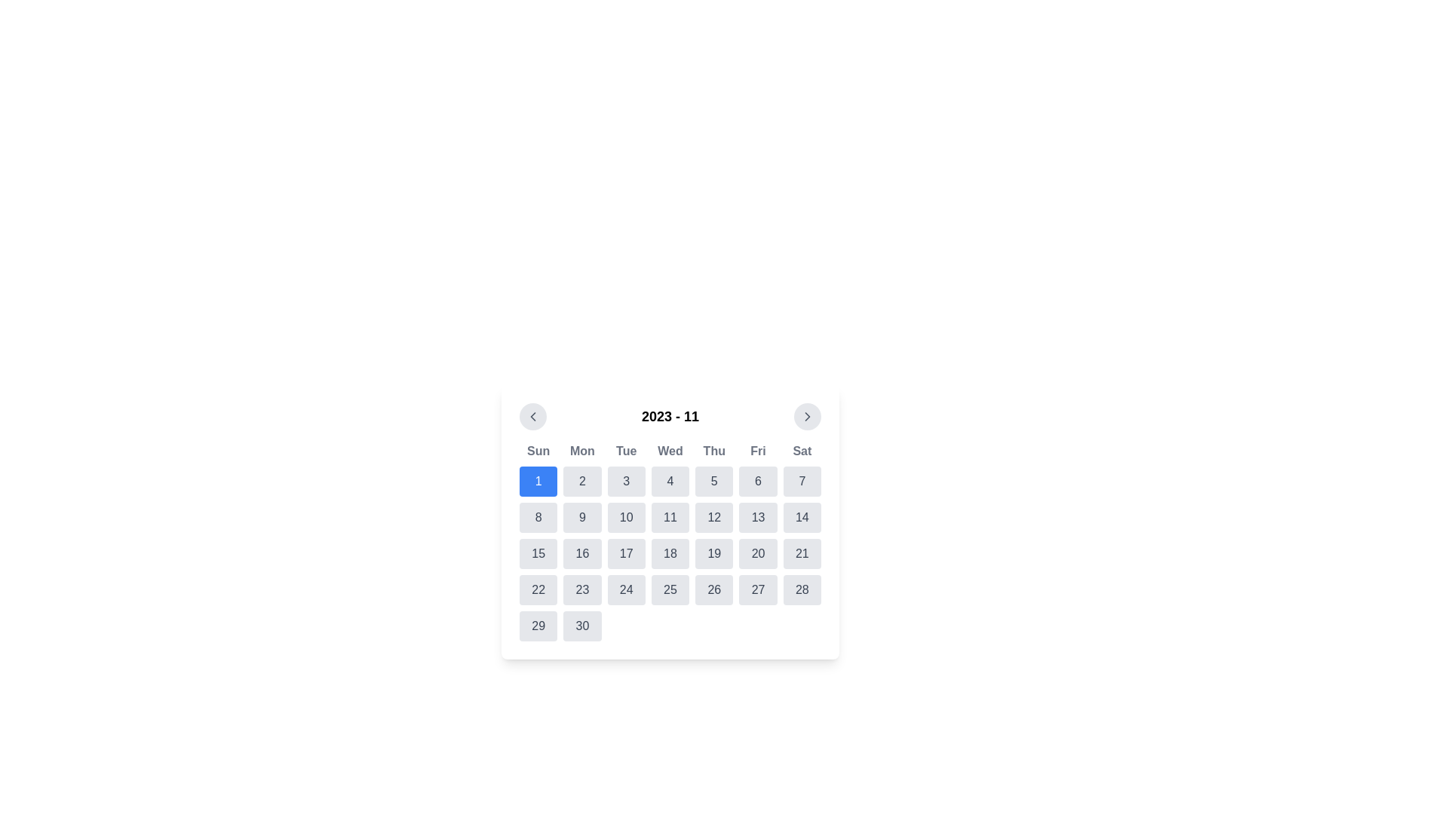 The width and height of the screenshot is (1448, 814). Describe the element at coordinates (713, 589) in the screenshot. I see `the button for selecting the date '26' in the calendar interface` at that location.